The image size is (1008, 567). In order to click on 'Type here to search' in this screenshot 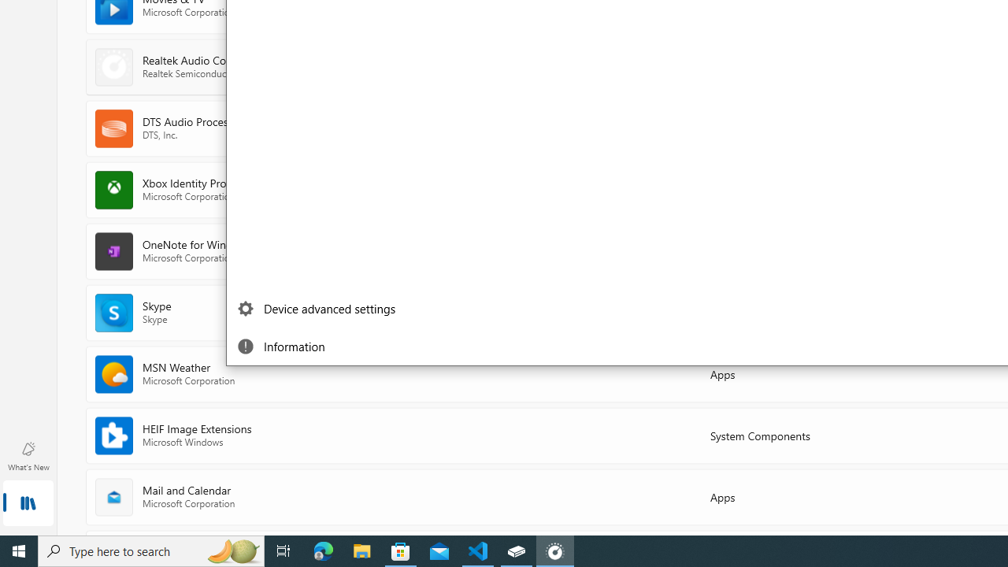, I will do `click(151, 550)`.